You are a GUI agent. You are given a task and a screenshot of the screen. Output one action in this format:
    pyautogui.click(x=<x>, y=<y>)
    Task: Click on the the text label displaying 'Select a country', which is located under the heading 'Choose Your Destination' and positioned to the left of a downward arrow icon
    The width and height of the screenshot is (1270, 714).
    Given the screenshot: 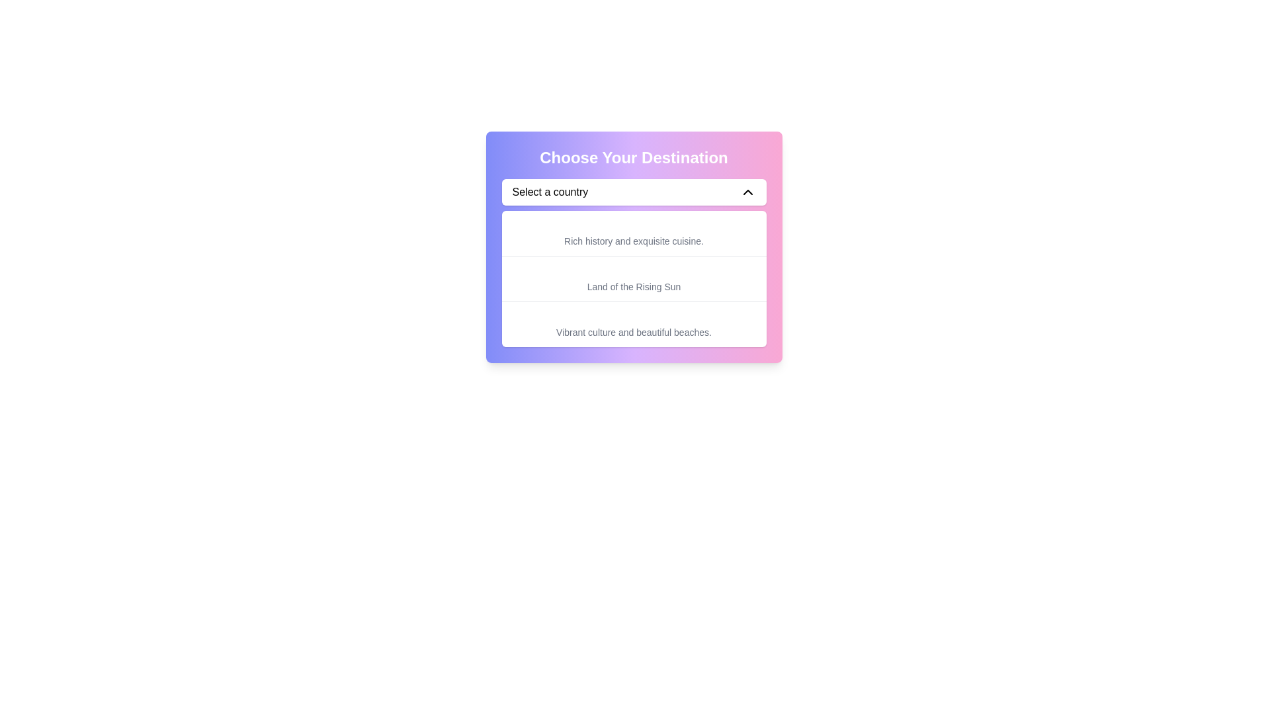 What is the action you would take?
    pyautogui.click(x=550, y=192)
    